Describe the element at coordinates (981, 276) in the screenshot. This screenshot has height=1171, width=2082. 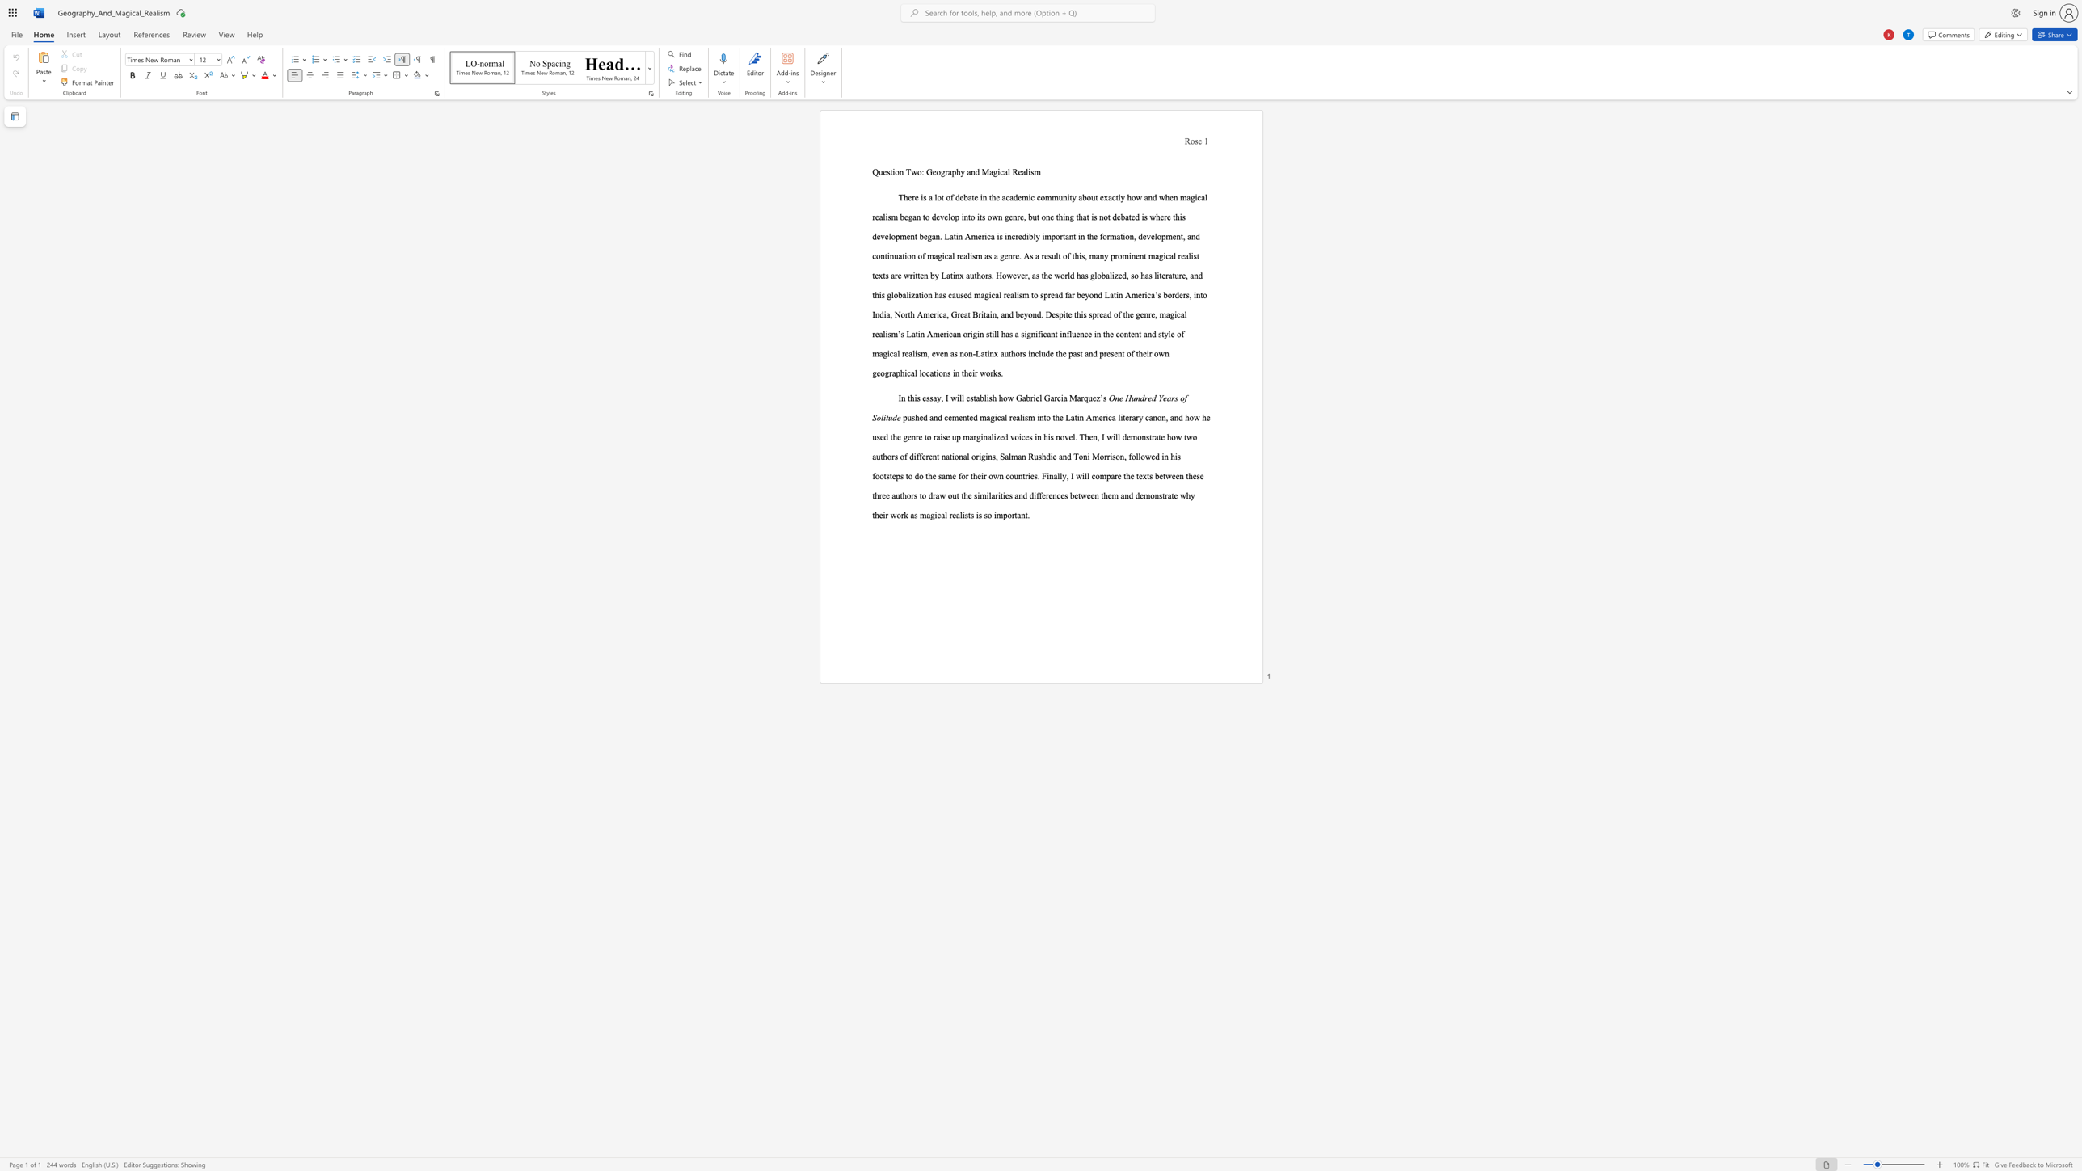
I see `the subset text "ors. However, as the world has globalized, so has literature, and this globalization ha" within the text "There is a lot of debate in the academic community about exactly how and when magical realism began to develop into its own genre, but one thing that is not debated is where this development began. Latin America is incredibly important in the formation, development, and continuation of magical realism as a genre. As a result of this, many prominent magical realist texts are written by Latinx authors. However, as the world has globalized, so has literature, and this globalization has caused magical realism to spread far beyond Latin America’s borders, into India, North America, Great Britain, and beyond. Despite this spread of the genre, magical realism’s Latin American origin still has a"` at that location.